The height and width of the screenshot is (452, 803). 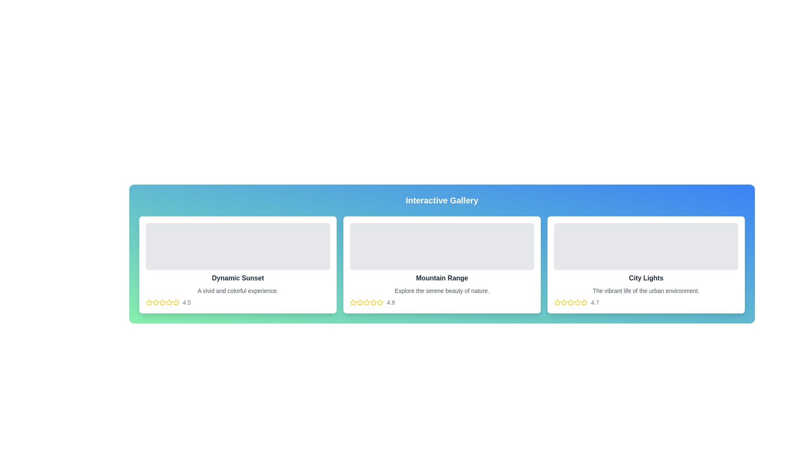 What do you see at coordinates (583, 302) in the screenshot?
I see `the yellow star icon, which is the fourth star in the rating system below the 'City Lights' card description` at bounding box center [583, 302].